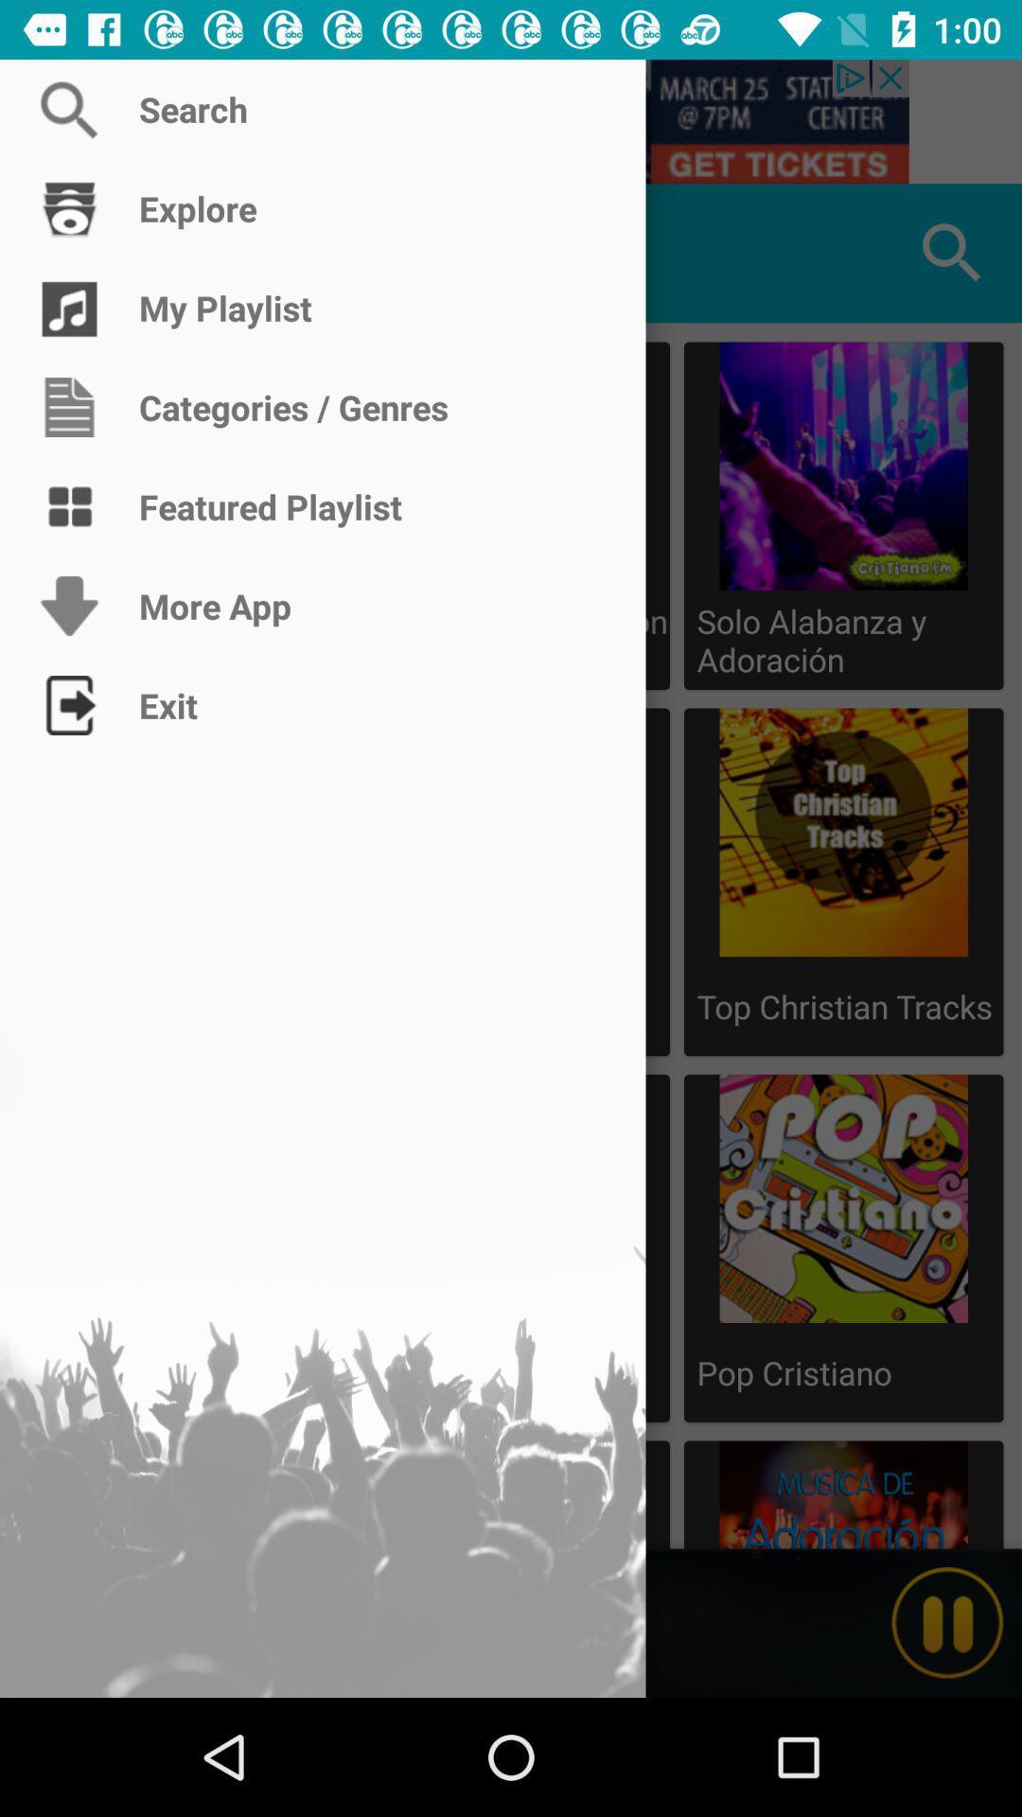 The width and height of the screenshot is (1022, 1817). What do you see at coordinates (511, 120) in the screenshot?
I see `search christian music` at bounding box center [511, 120].